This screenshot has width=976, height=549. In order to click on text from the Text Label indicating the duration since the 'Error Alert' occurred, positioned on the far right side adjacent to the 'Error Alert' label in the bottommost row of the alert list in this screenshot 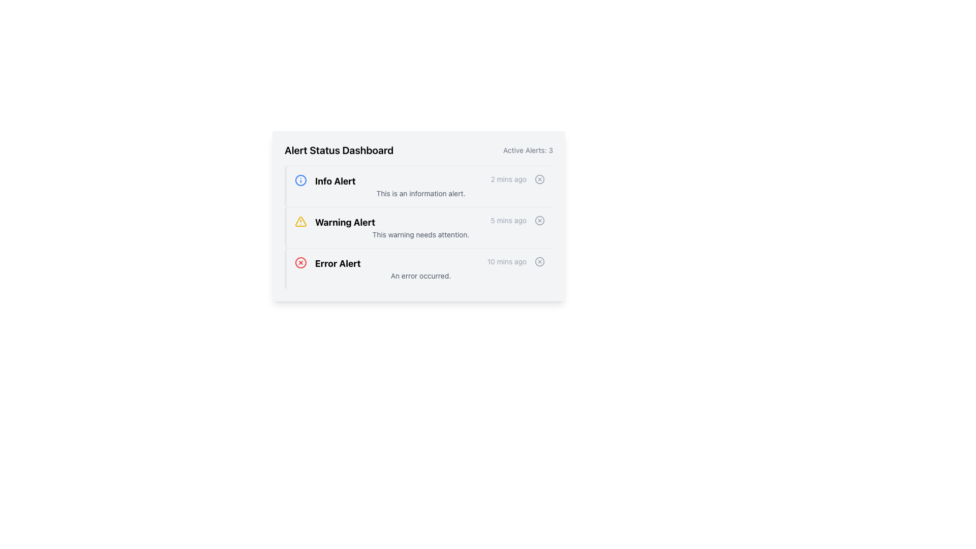, I will do `click(507, 263)`.